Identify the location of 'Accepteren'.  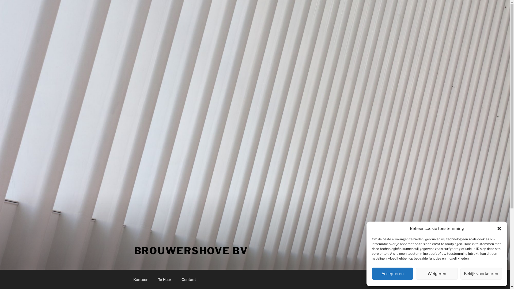
(392, 273).